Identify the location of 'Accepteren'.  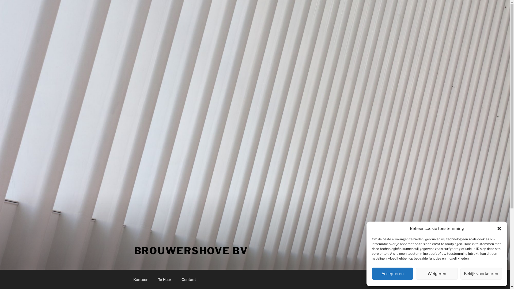
(392, 273).